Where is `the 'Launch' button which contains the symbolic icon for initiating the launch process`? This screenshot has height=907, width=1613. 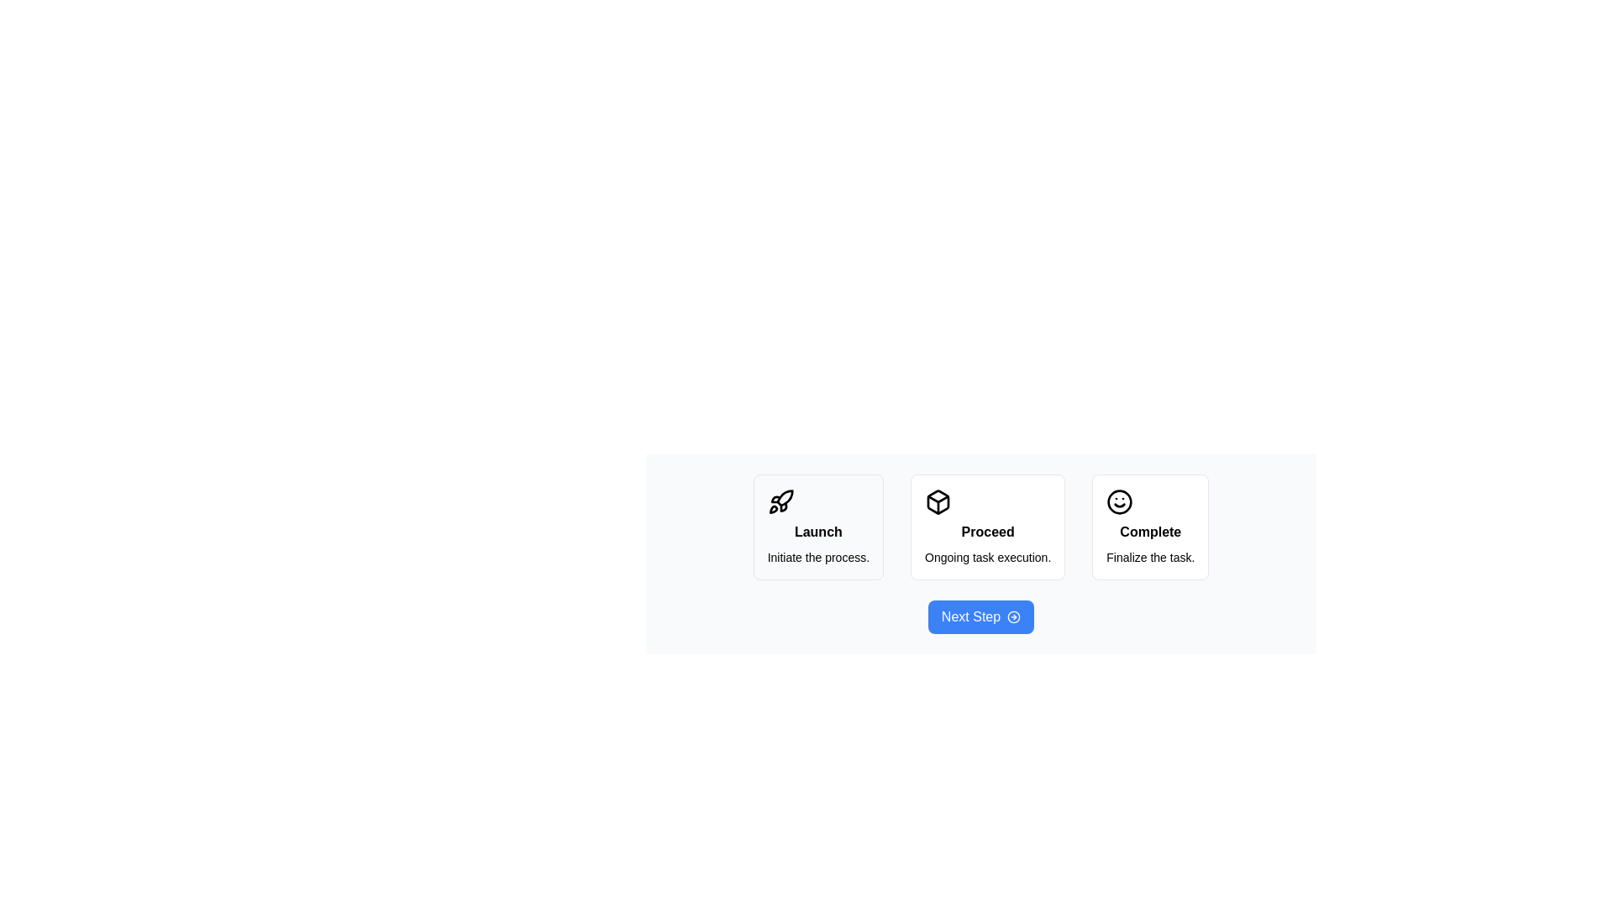 the 'Launch' button which contains the symbolic icon for initiating the launch process is located at coordinates (780, 501).